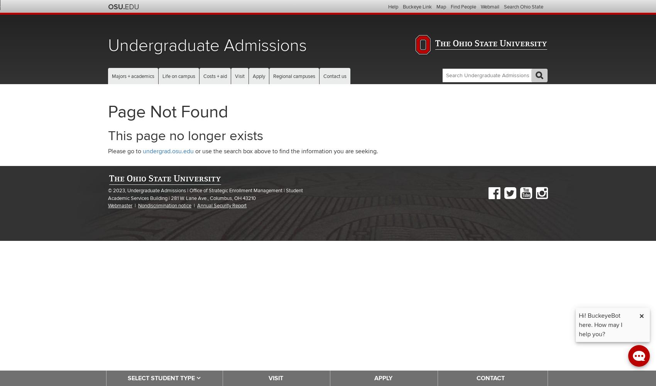 This screenshot has width=656, height=386. What do you see at coordinates (239, 76) in the screenshot?
I see `'Visit'` at bounding box center [239, 76].